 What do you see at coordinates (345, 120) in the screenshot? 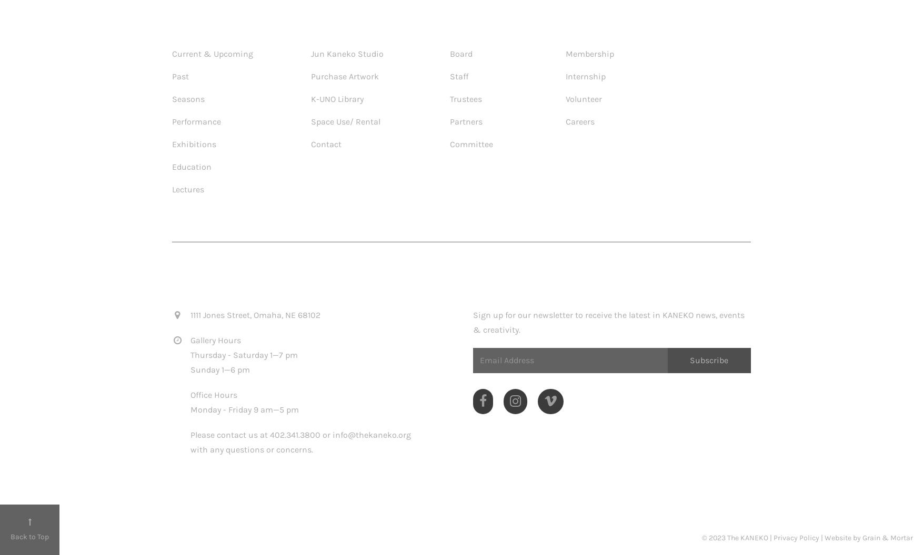
I see `'Space Use/ Rental'` at bounding box center [345, 120].